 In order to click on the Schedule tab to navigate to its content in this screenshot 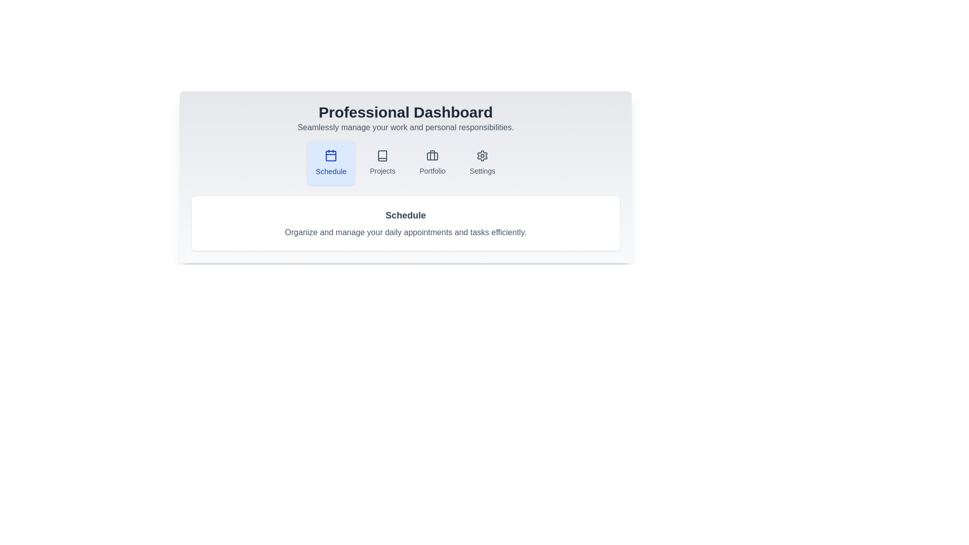, I will do `click(331, 162)`.